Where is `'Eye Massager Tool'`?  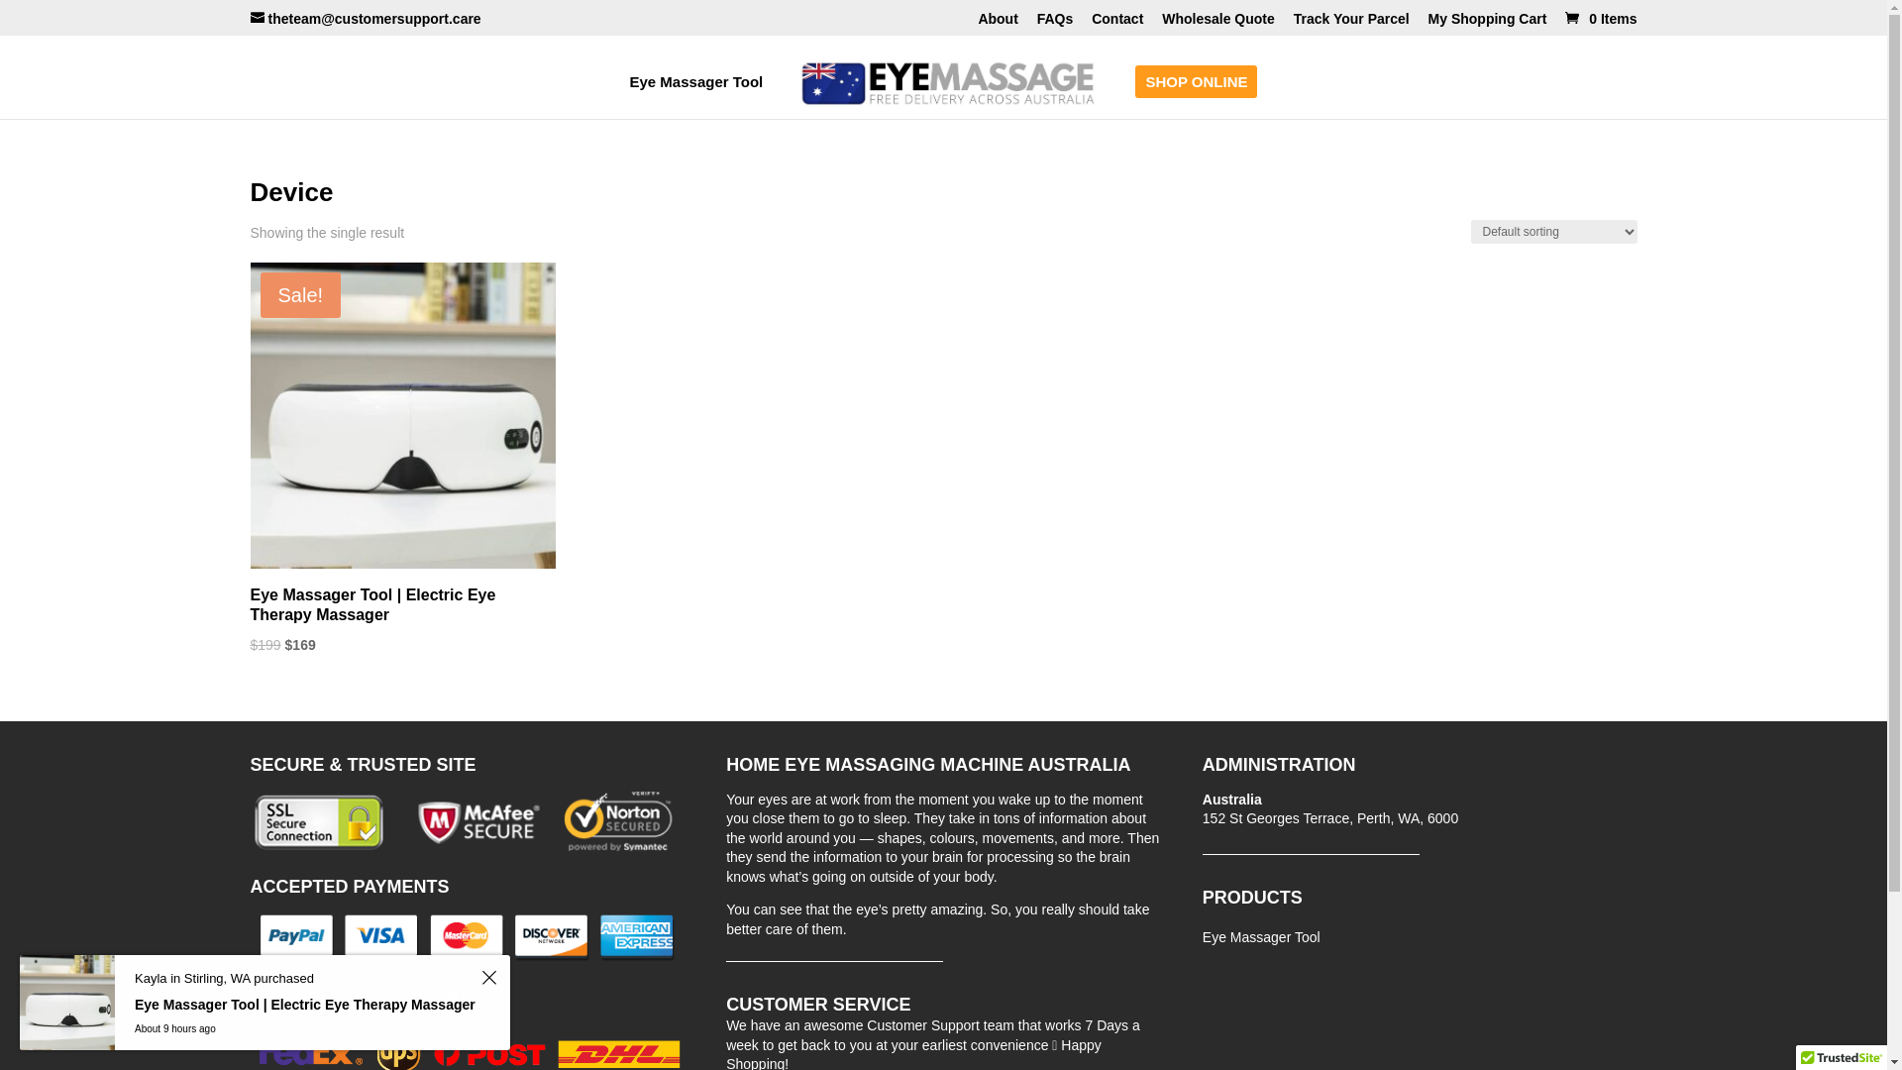 'Eye Massager Tool' is located at coordinates (696, 96).